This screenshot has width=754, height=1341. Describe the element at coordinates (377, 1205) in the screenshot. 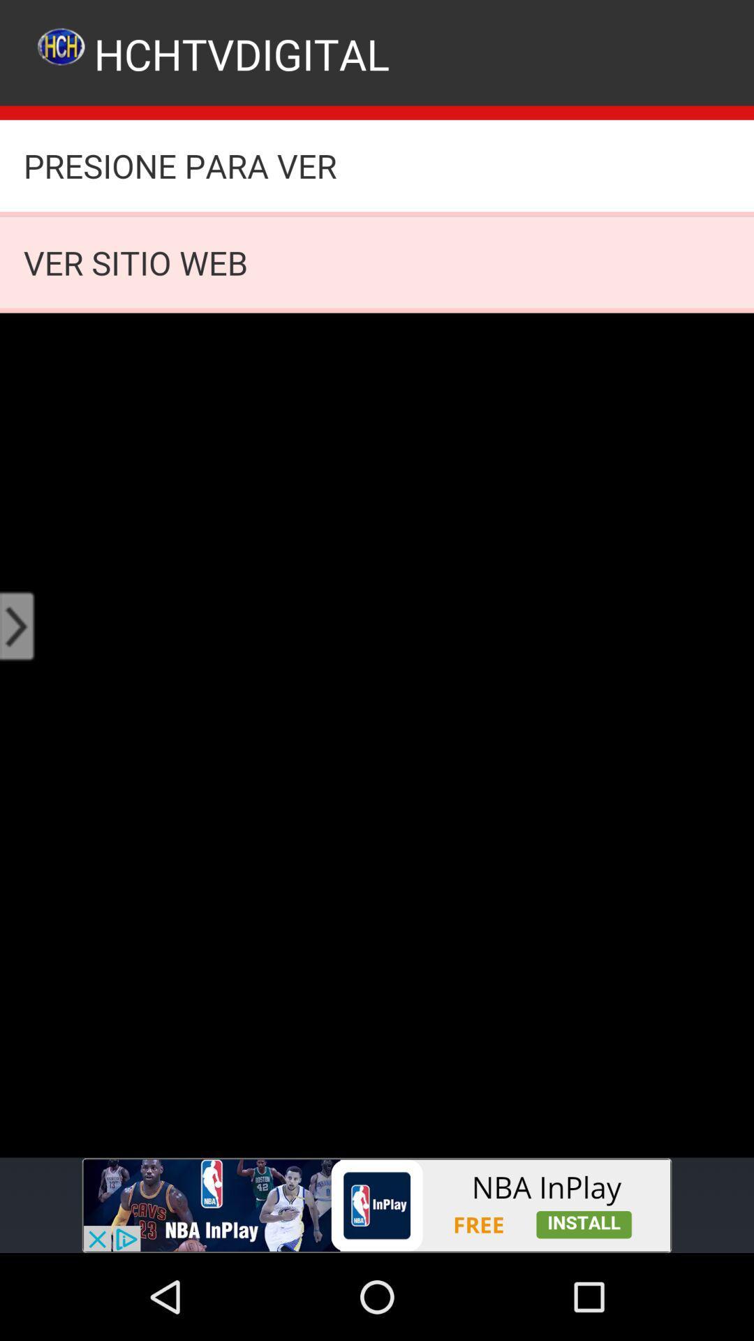

I see `the advertisement` at that location.